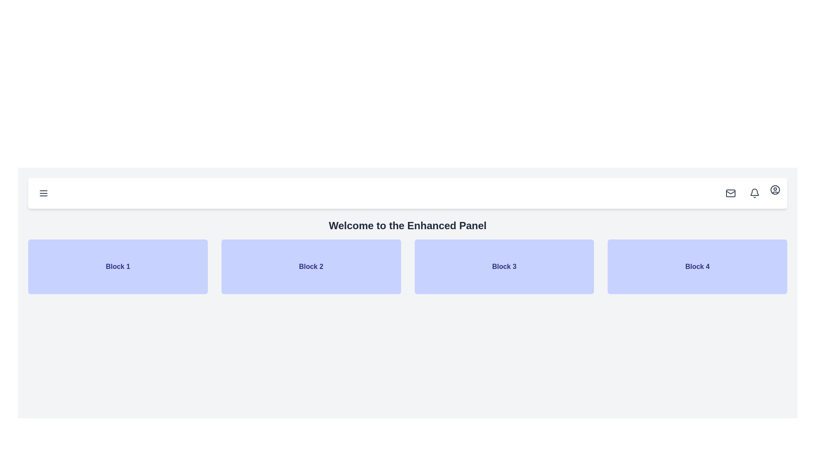 This screenshot has height=461, width=821. I want to click on the hamburger menu icon located in the top left corner of the interface, so click(43, 193).